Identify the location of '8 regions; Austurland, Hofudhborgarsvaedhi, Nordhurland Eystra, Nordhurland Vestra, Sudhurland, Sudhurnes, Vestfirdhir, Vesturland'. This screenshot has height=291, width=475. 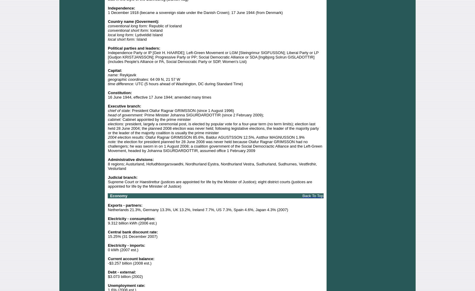
(212, 166).